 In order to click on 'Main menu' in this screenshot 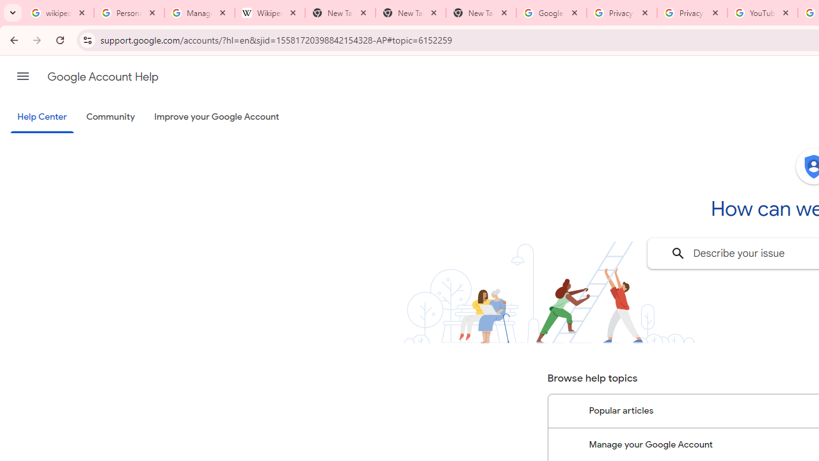, I will do `click(22, 76)`.